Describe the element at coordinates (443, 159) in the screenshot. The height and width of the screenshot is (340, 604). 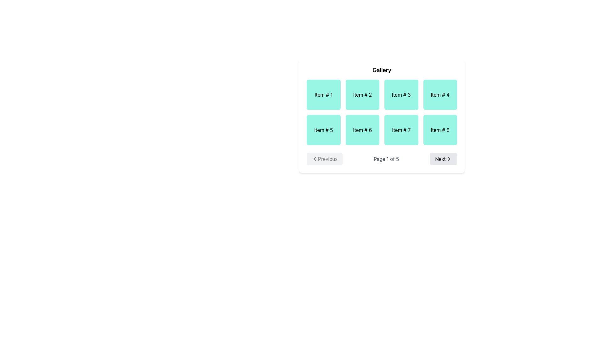
I see `the 'Next' button, which has a light gray background, rounded corners, and displays the text 'Next' with a rightward arrow icon` at that location.